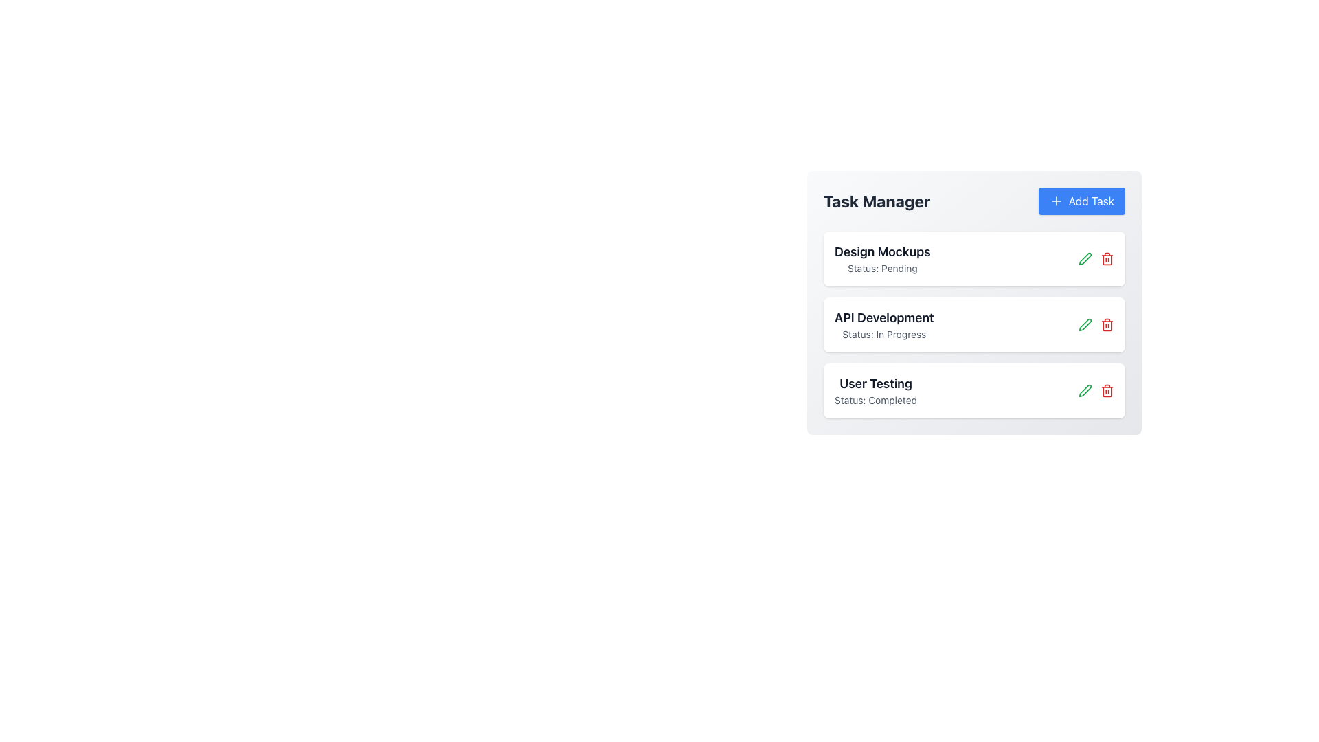 The width and height of the screenshot is (1319, 742). I want to click on the 'User Testing' task item element in the Task Manager interface, so click(973, 391).